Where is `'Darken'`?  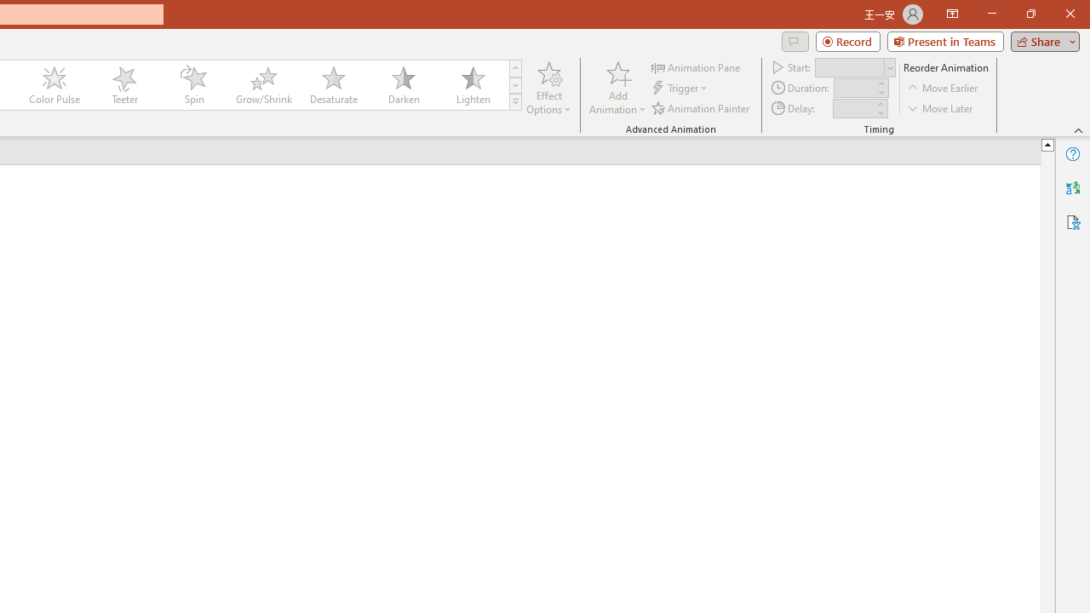
'Darken' is located at coordinates (402, 85).